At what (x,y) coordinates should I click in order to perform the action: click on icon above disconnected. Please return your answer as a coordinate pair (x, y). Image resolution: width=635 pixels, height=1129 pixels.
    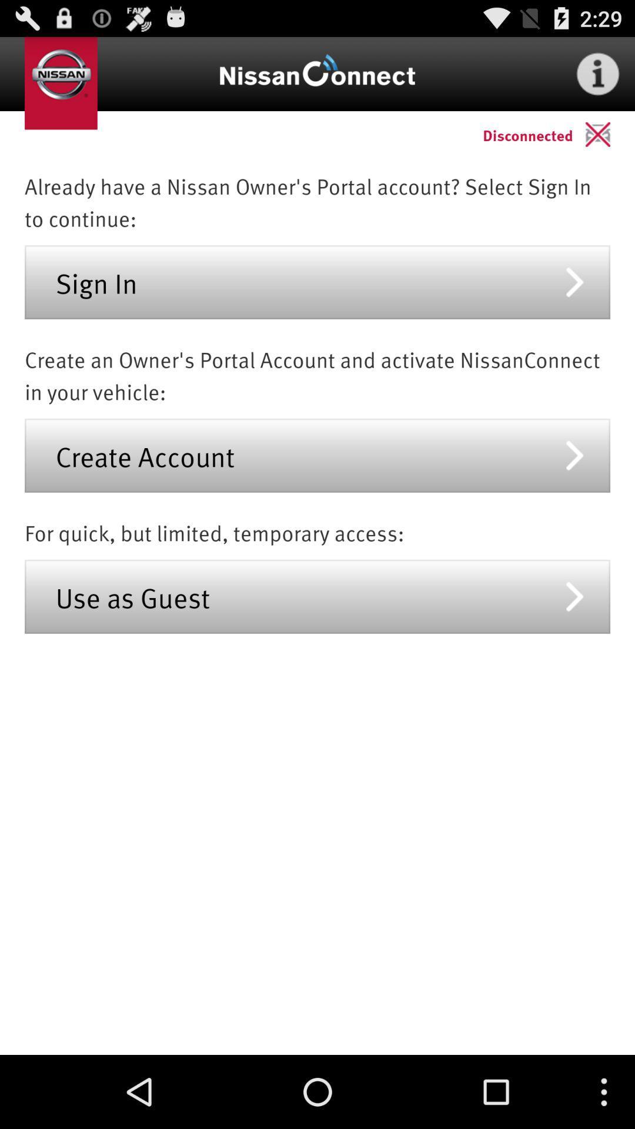
    Looking at the image, I should click on (598, 73).